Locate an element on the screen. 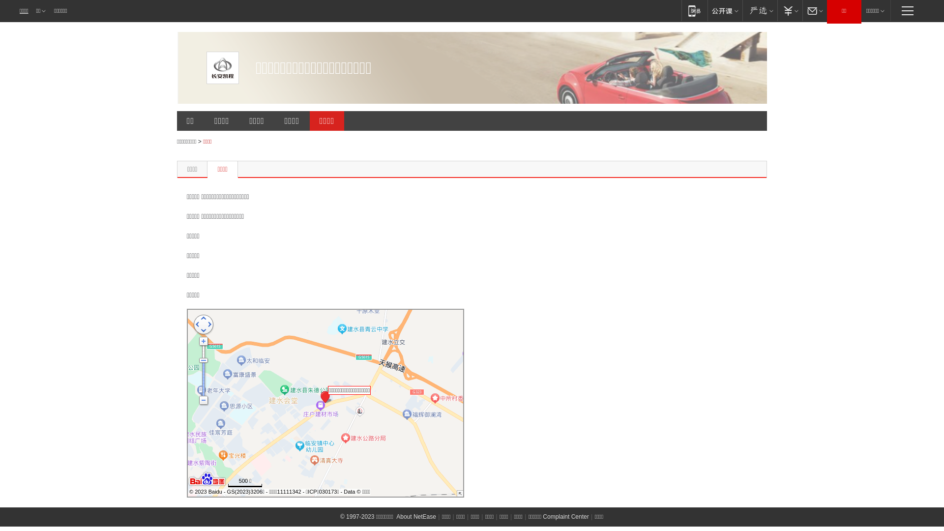  'About NetEase' is located at coordinates (396, 516).